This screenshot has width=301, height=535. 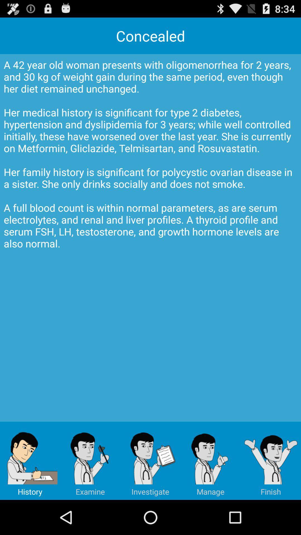 I want to click on the item below the a 42 year app, so click(x=90, y=461).